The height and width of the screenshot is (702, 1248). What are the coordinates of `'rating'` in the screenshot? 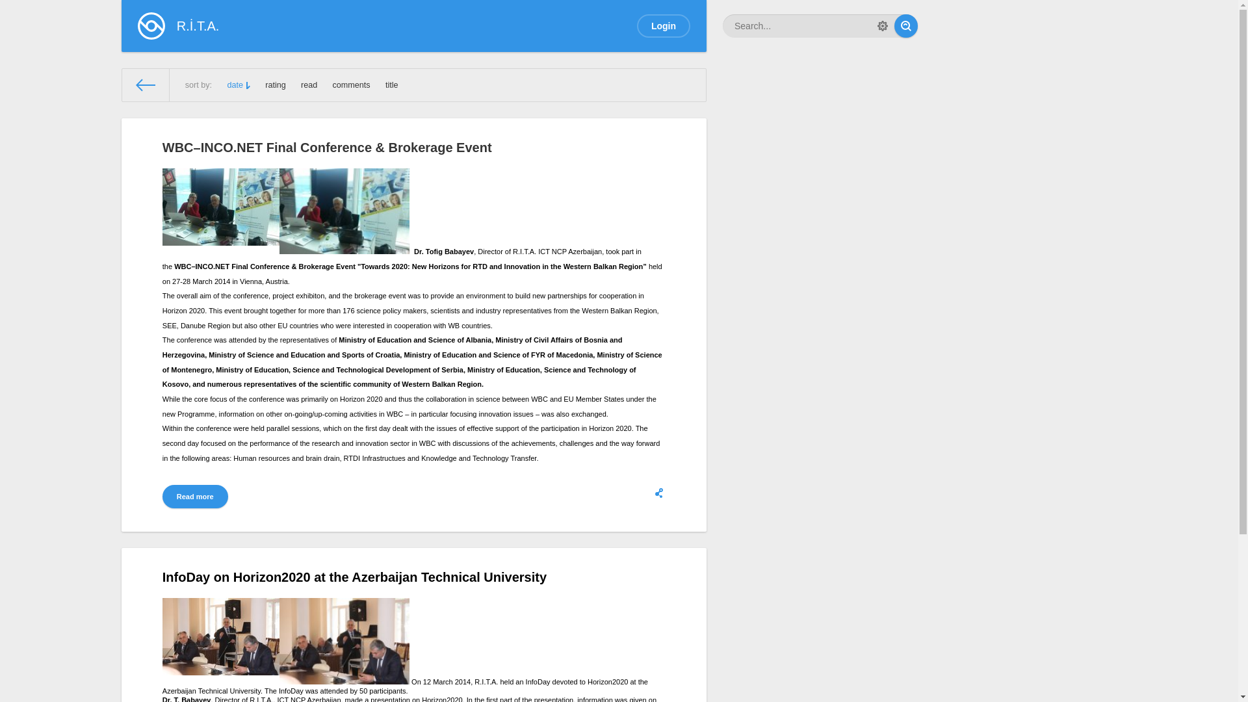 It's located at (274, 85).